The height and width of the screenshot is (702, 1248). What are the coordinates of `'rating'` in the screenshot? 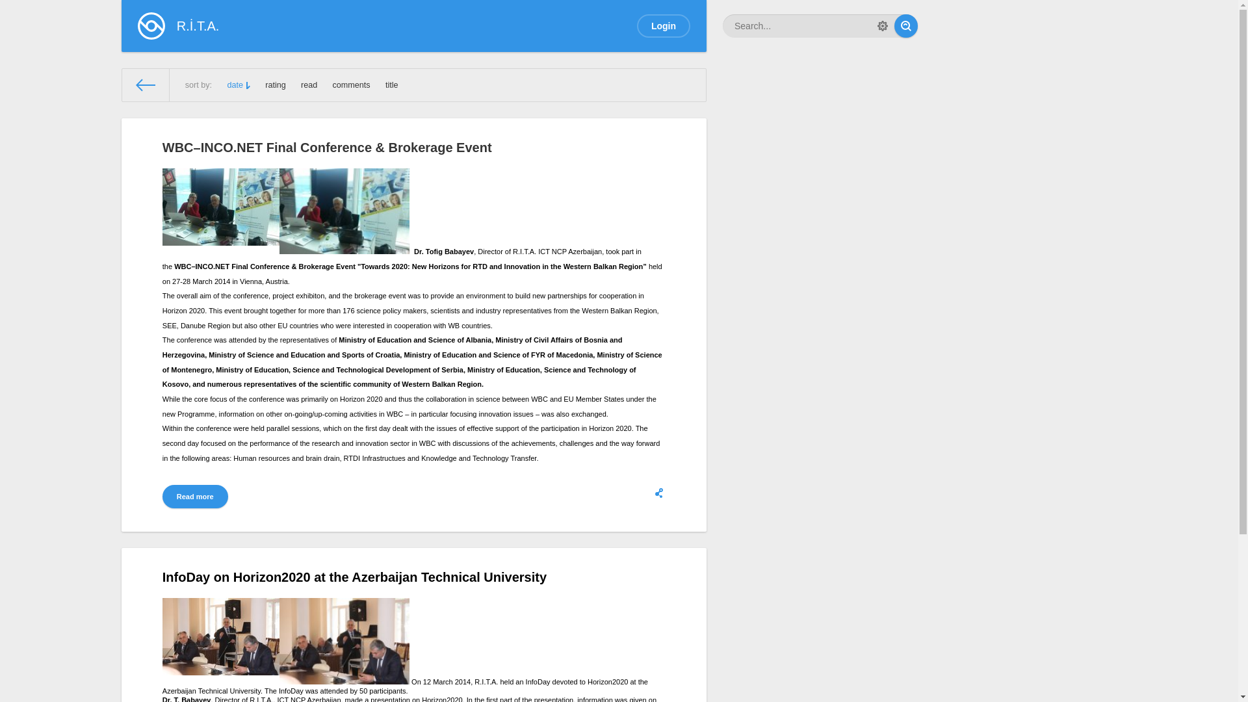 It's located at (274, 85).